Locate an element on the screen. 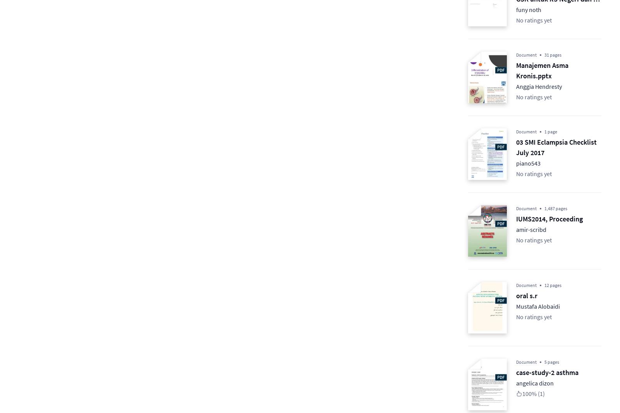 The height and width of the screenshot is (413, 620). 'Anggia Hendresty' is located at coordinates (539, 86).